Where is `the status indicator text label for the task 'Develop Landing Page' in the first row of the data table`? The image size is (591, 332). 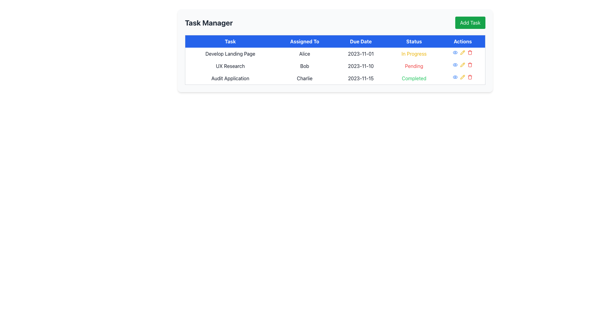 the status indicator text label for the task 'Develop Landing Page' in the first row of the data table is located at coordinates (414, 53).